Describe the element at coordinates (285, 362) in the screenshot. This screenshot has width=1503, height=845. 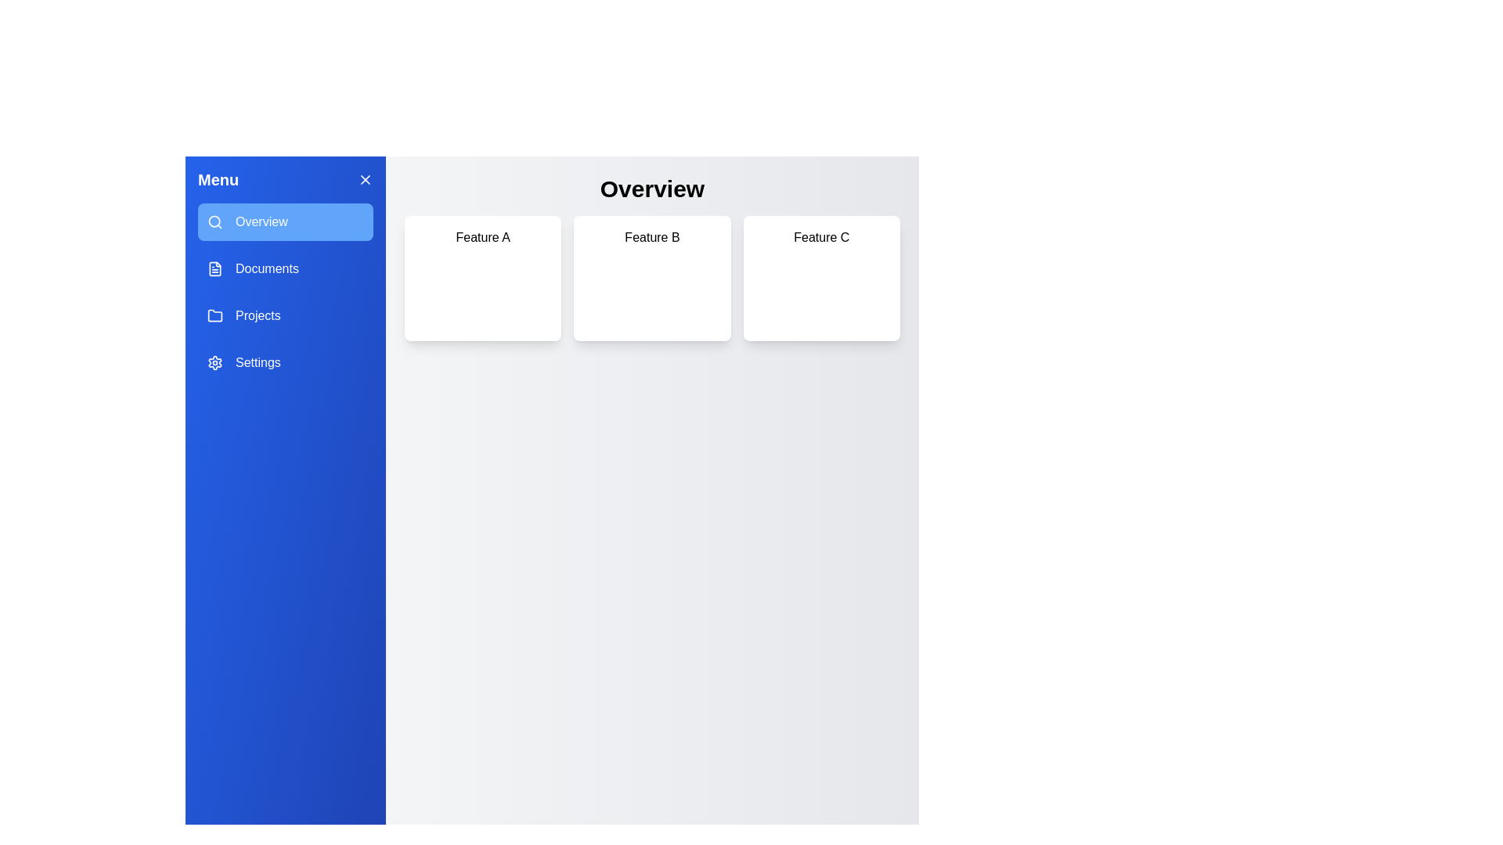
I see `the Settings tab by clicking on its corresponding button in the drawer menu` at that location.